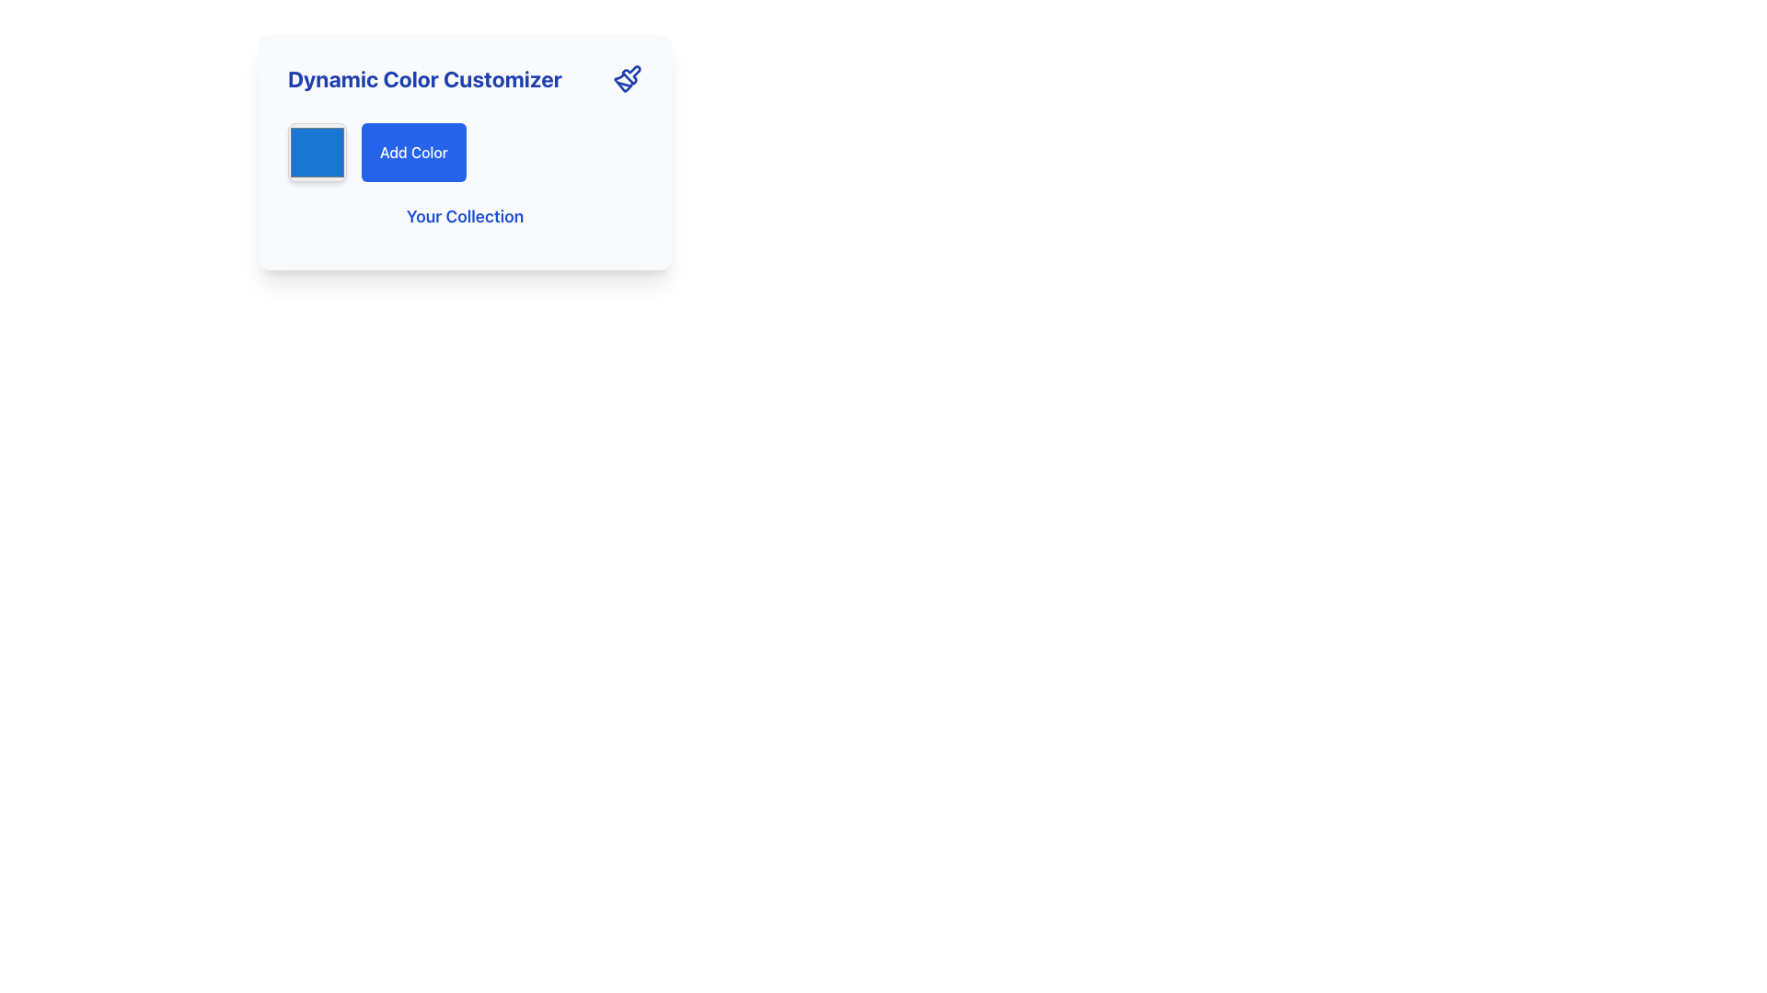 This screenshot has width=1767, height=993. What do you see at coordinates (627, 77) in the screenshot?
I see `the icon located to the far right of the 'Dynamic Color Customizer' text` at bounding box center [627, 77].